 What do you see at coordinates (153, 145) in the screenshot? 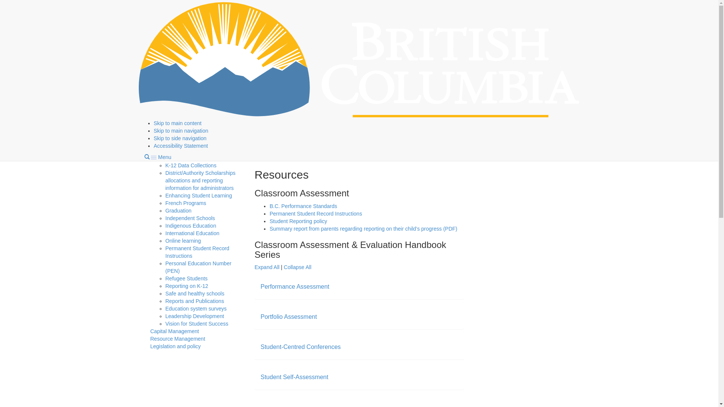
I see `'Accessibility Statement'` at bounding box center [153, 145].